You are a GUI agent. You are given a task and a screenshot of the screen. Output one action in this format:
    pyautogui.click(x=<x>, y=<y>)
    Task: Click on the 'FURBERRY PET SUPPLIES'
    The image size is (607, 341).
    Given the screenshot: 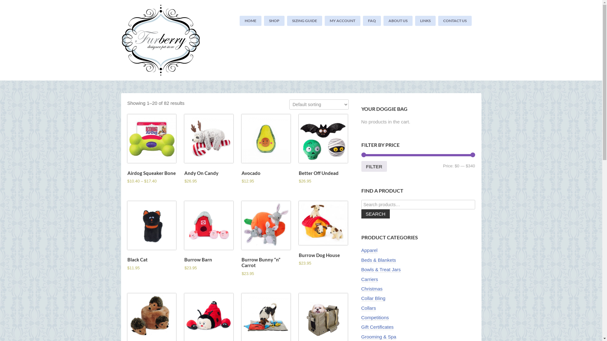 What is the action you would take?
    pyautogui.click(x=165, y=40)
    